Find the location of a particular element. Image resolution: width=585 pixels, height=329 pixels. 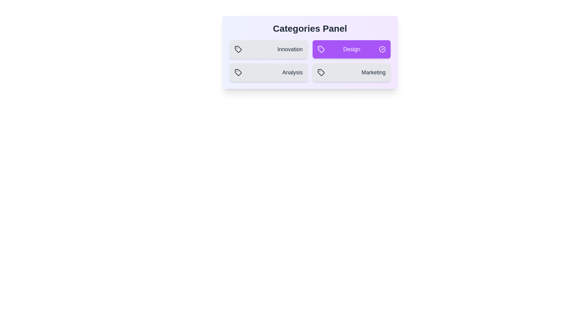

the category Innovation is located at coordinates (268, 49).